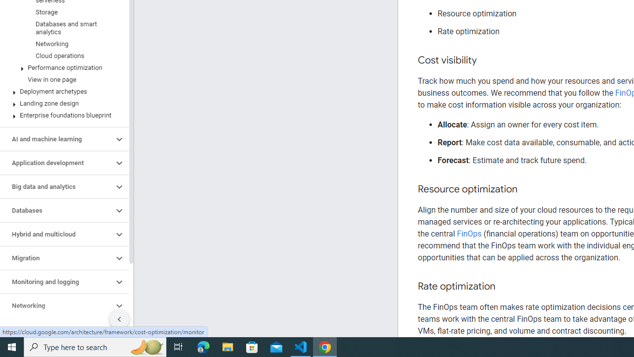 The width and height of the screenshot is (634, 357). I want to click on 'Performance optimization', so click(62, 67).